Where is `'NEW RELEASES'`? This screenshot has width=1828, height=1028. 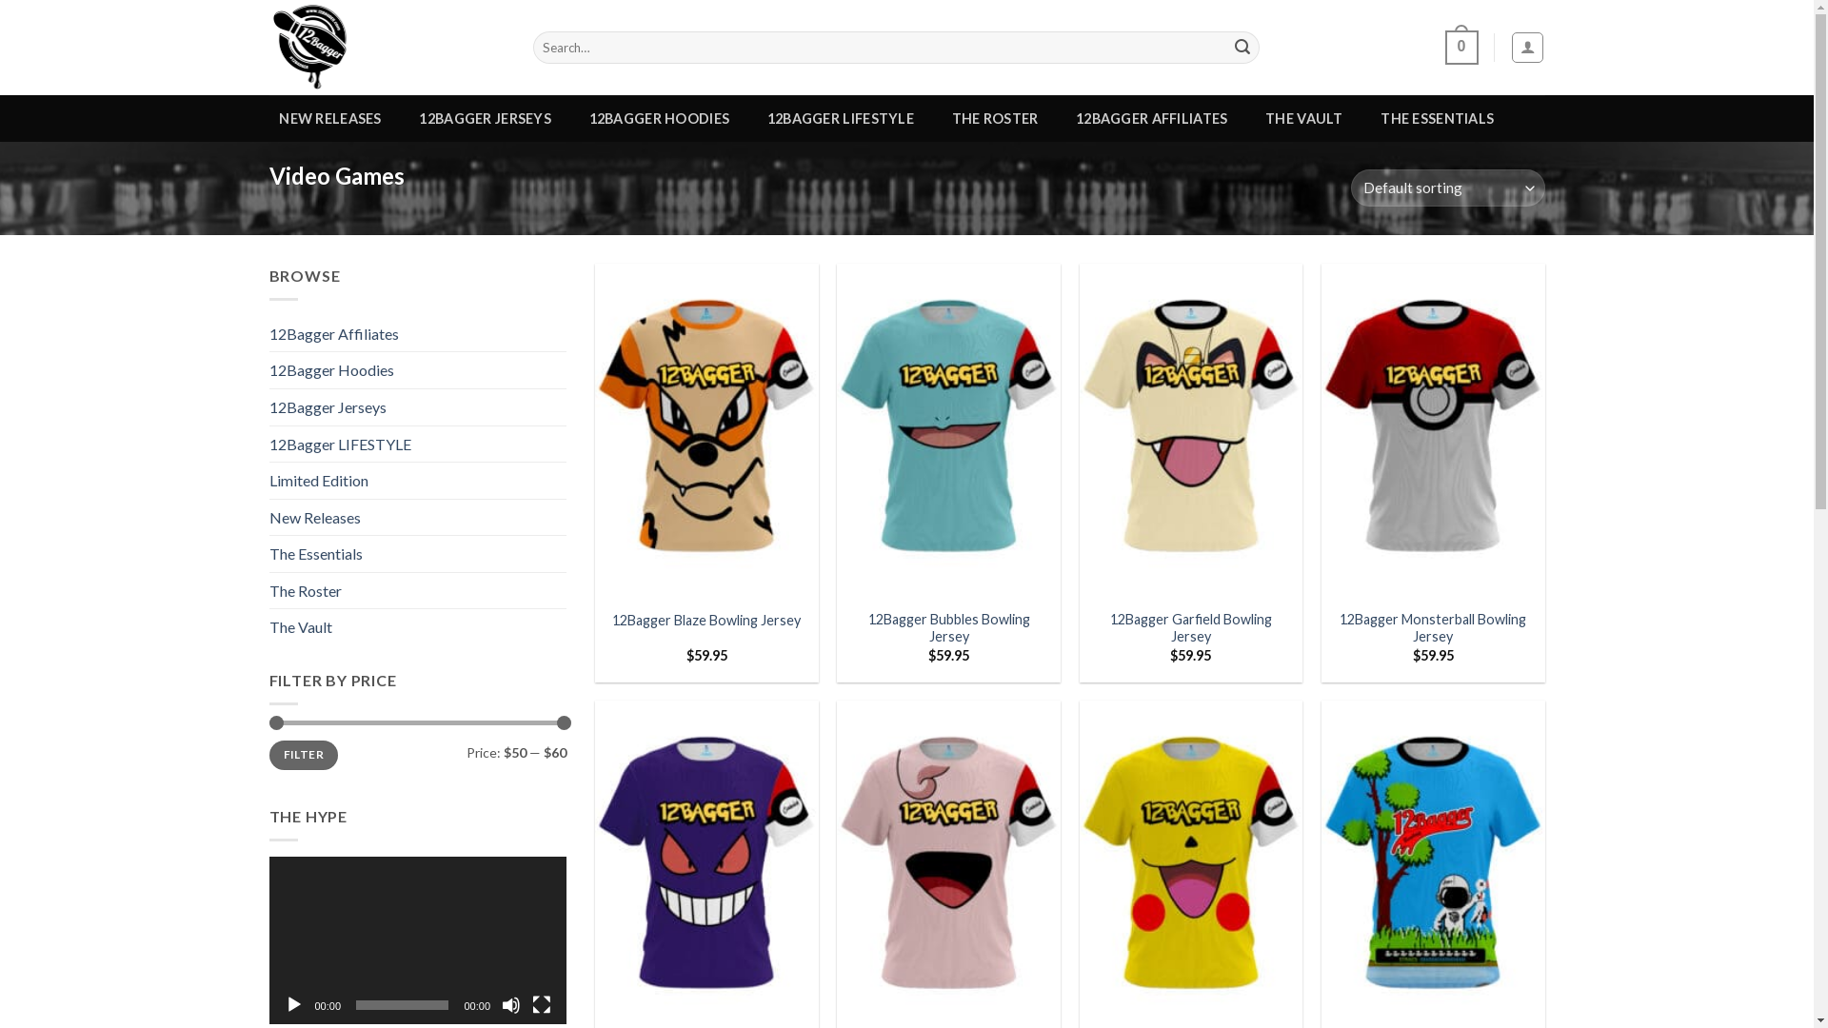 'NEW RELEASES' is located at coordinates (329, 118).